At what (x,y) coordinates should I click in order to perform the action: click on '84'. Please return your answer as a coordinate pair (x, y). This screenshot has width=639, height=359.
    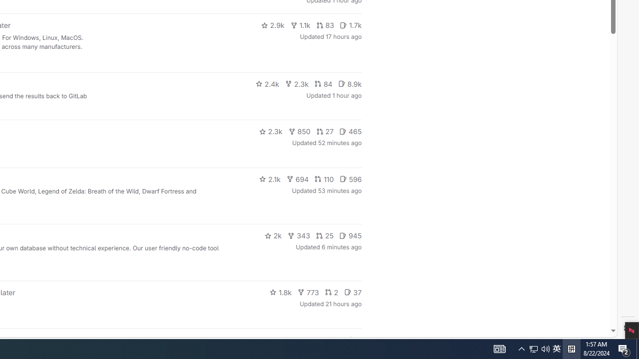
    Looking at the image, I should click on (323, 83).